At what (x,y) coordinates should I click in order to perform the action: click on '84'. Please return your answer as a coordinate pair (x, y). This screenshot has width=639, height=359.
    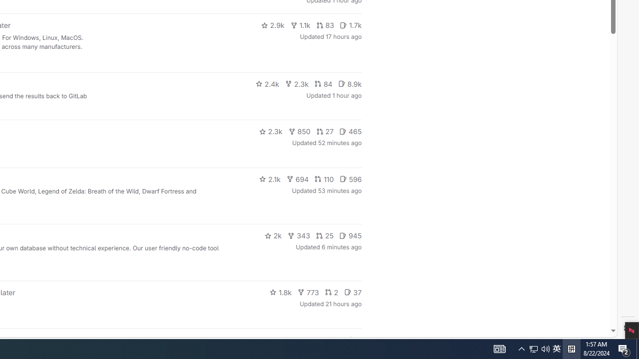
    Looking at the image, I should click on (323, 83).